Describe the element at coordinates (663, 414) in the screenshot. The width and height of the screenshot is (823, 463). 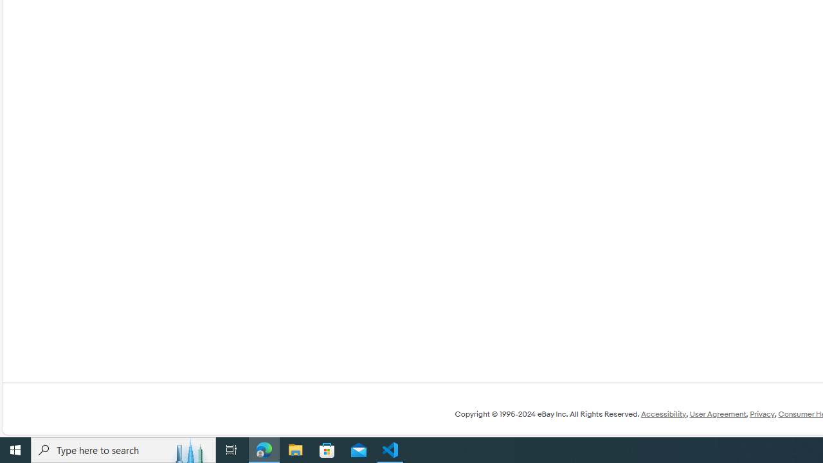
I see `'Accessibility'` at that location.